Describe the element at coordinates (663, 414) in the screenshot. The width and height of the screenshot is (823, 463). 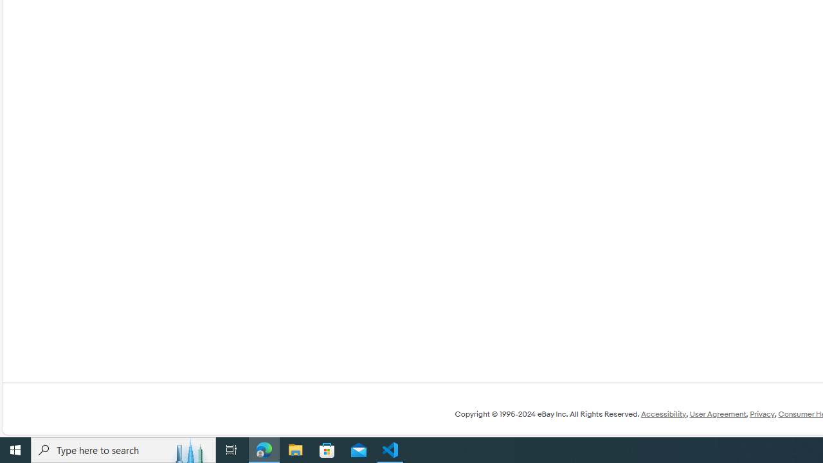
I see `'Accessibility'` at that location.